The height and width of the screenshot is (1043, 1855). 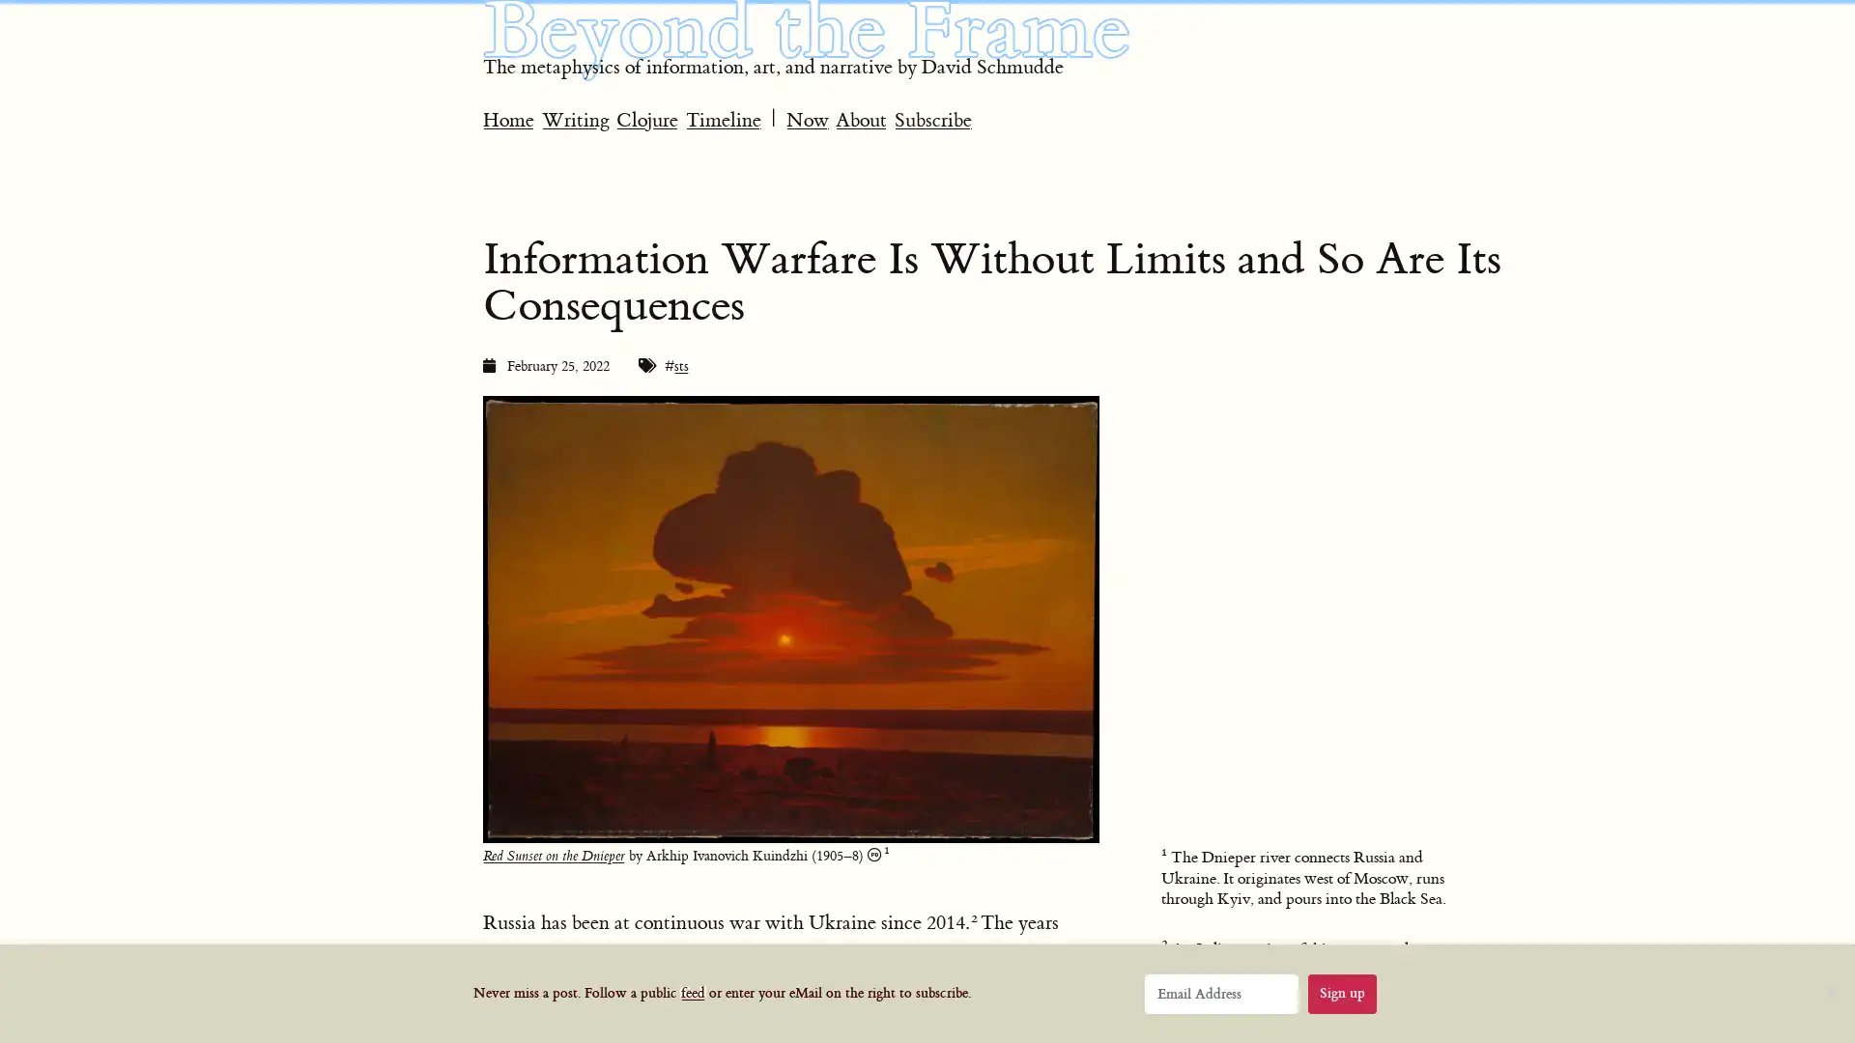 What do you see at coordinates (1341, 993) in the screenshot?
I see `Sign up` at bounding box center [1341, 993].